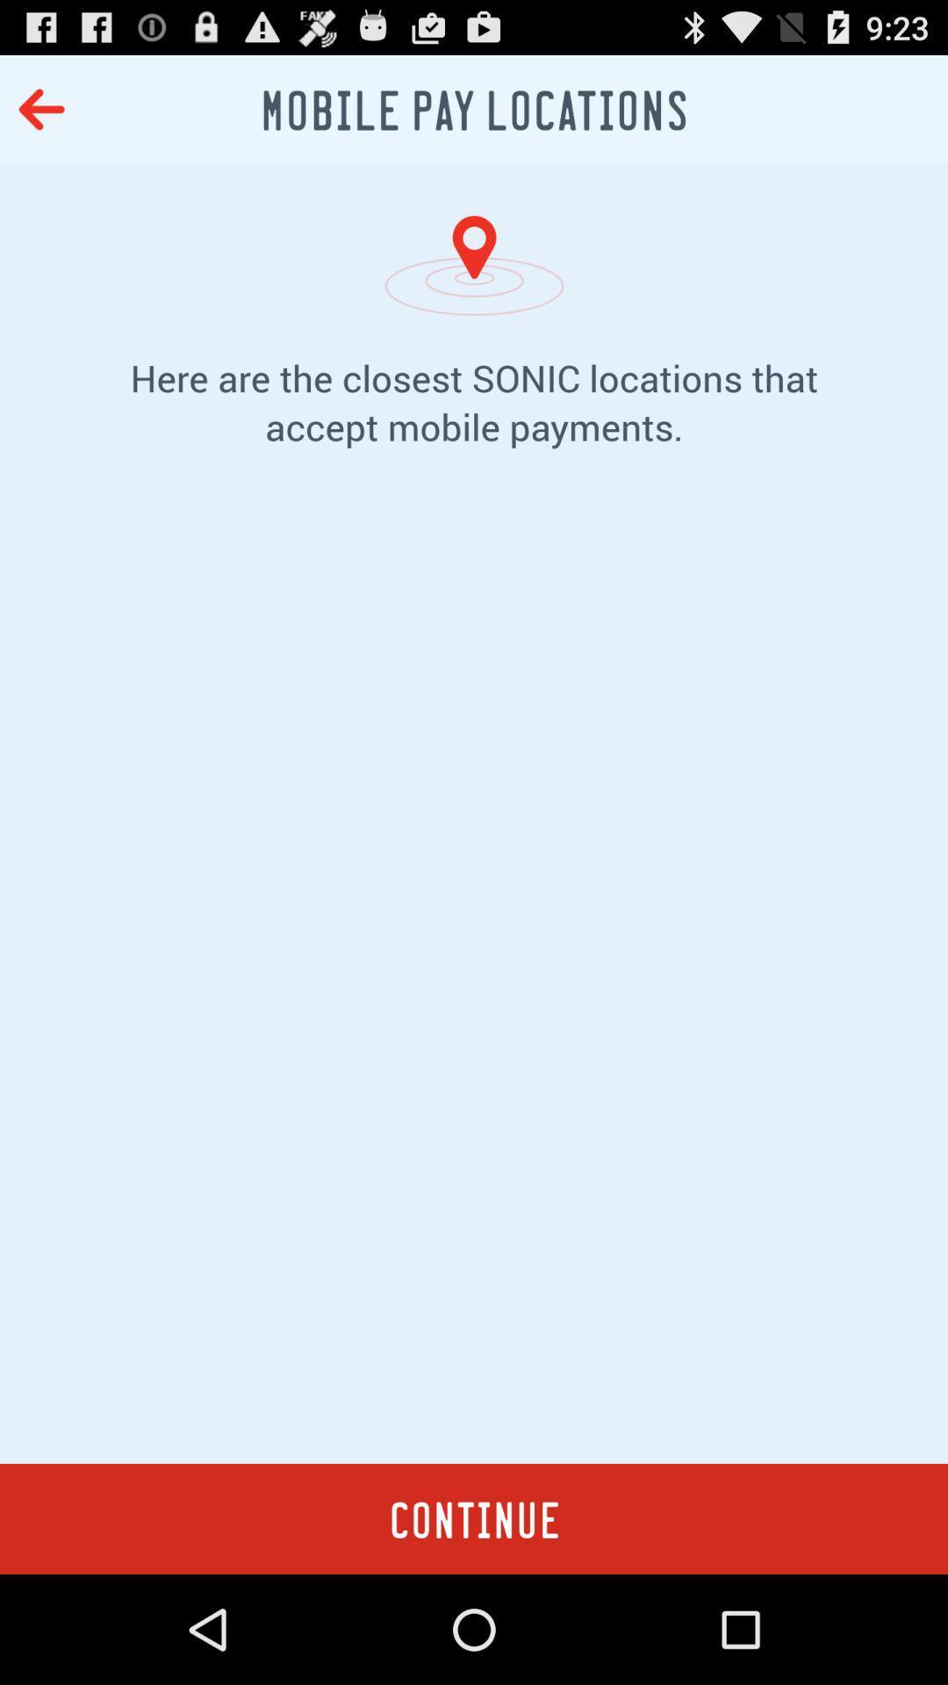  What do you see at coordinates (474, 983) in the screenshot?
I see `the icon at the center` at bounding box center [474, 983].